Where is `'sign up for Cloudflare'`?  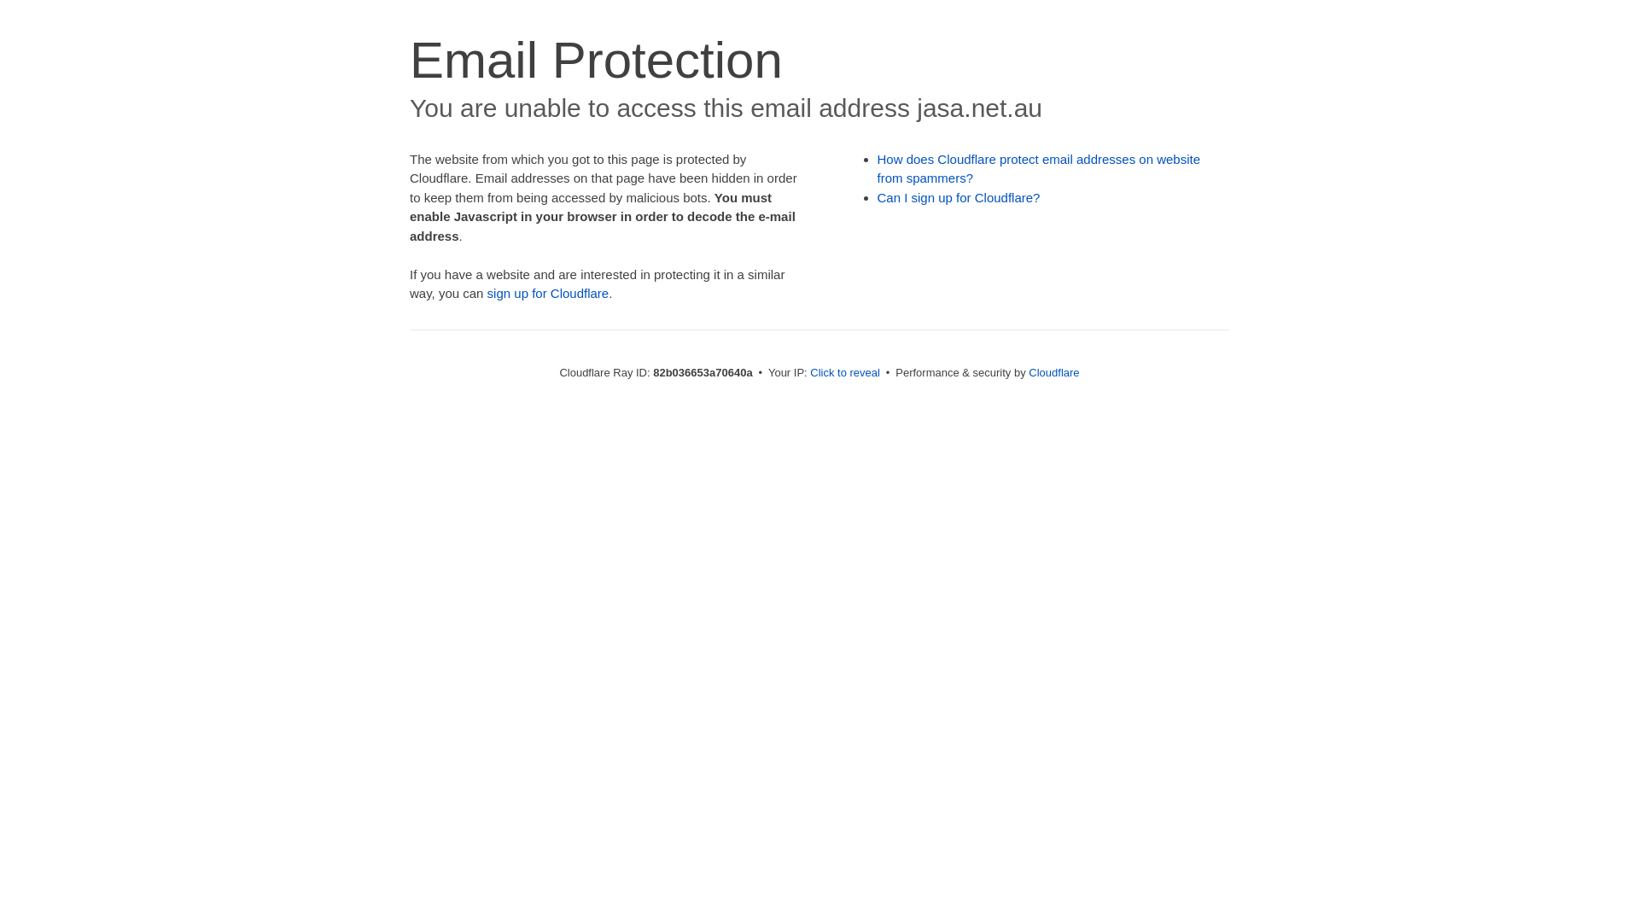
'sign up for Cloudflare' is located at coordinates (548, 292).